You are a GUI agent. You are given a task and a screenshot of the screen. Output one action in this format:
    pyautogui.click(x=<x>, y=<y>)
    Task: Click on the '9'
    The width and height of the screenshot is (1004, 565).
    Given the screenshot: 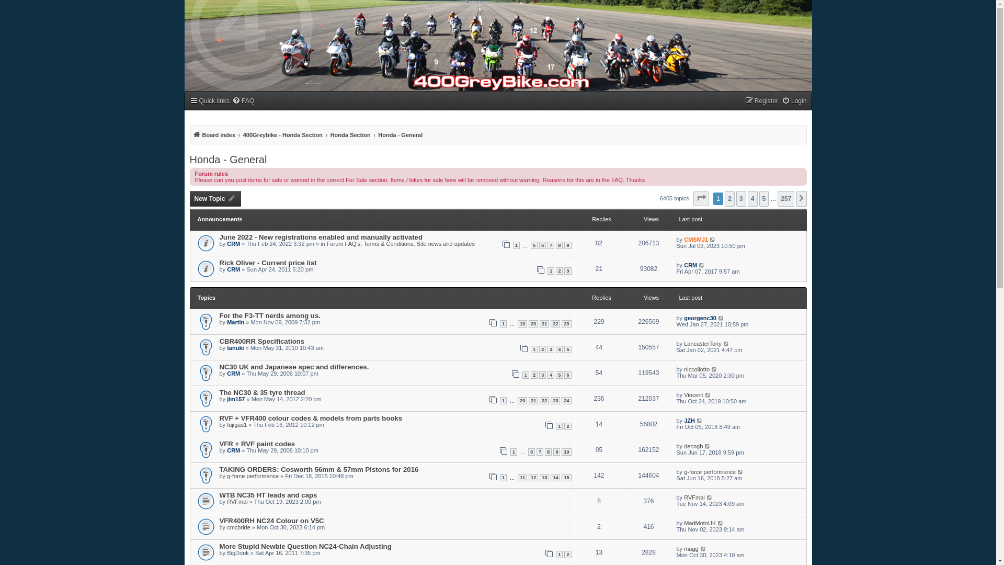 What is the action you would take?
    pyautogui.click(x=556, y=451)
    